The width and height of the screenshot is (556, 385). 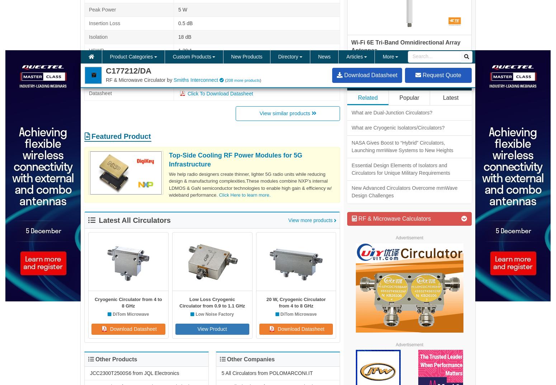 I want to click on 'Microwave Frequency Bands', so click(x=225, y=259).